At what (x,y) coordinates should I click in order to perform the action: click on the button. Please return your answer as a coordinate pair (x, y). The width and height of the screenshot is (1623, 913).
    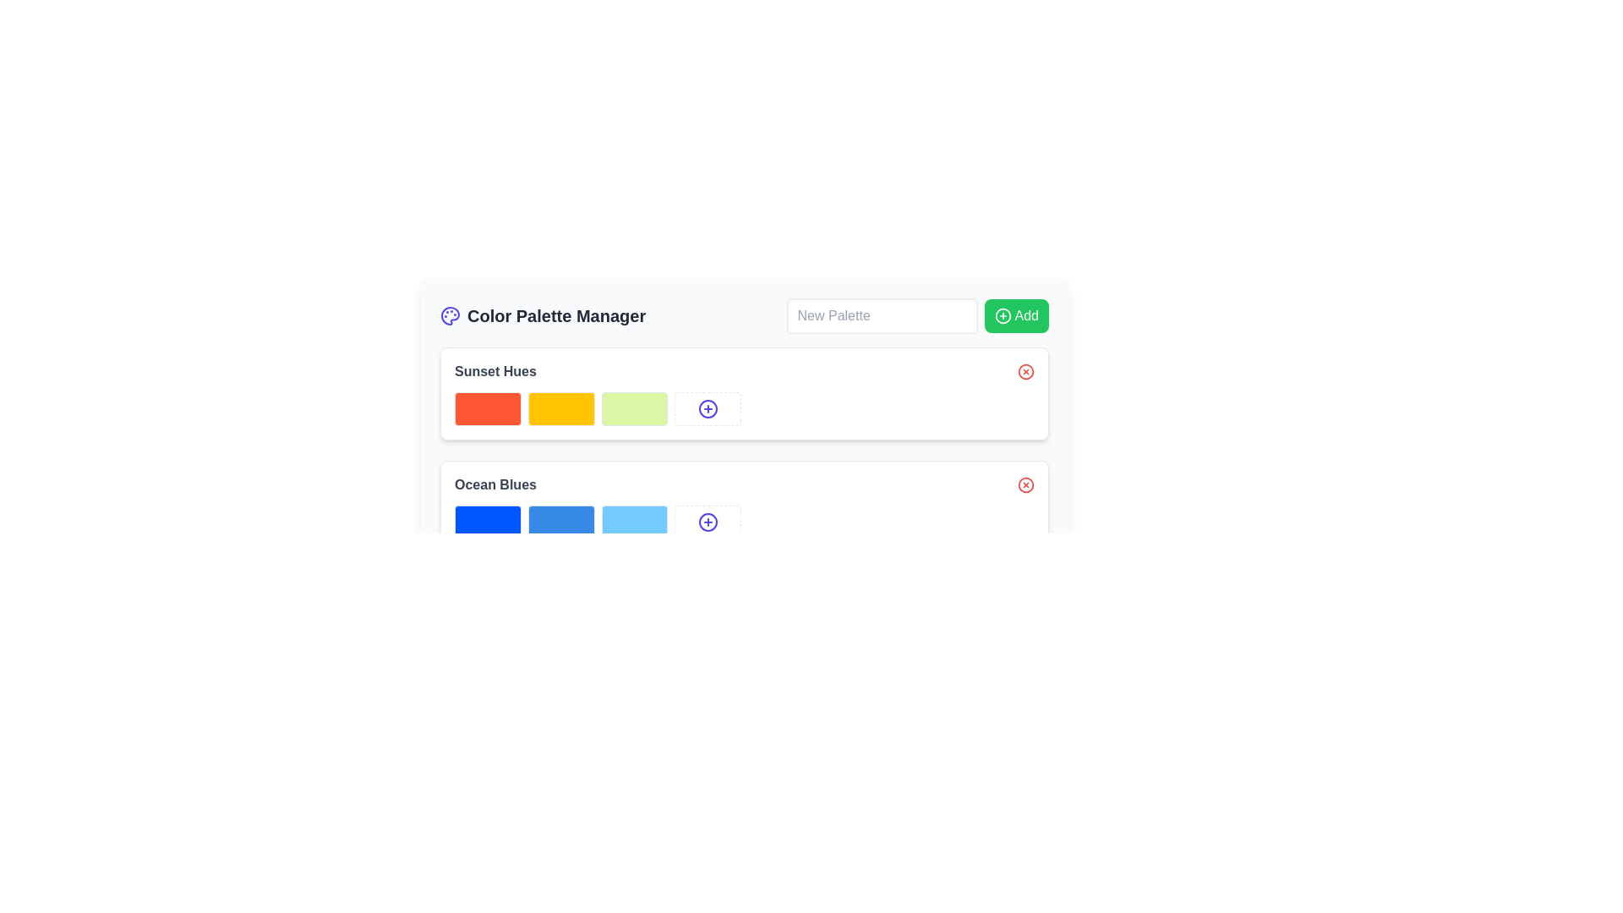
    Looking at the image, I should click on (708, 408).